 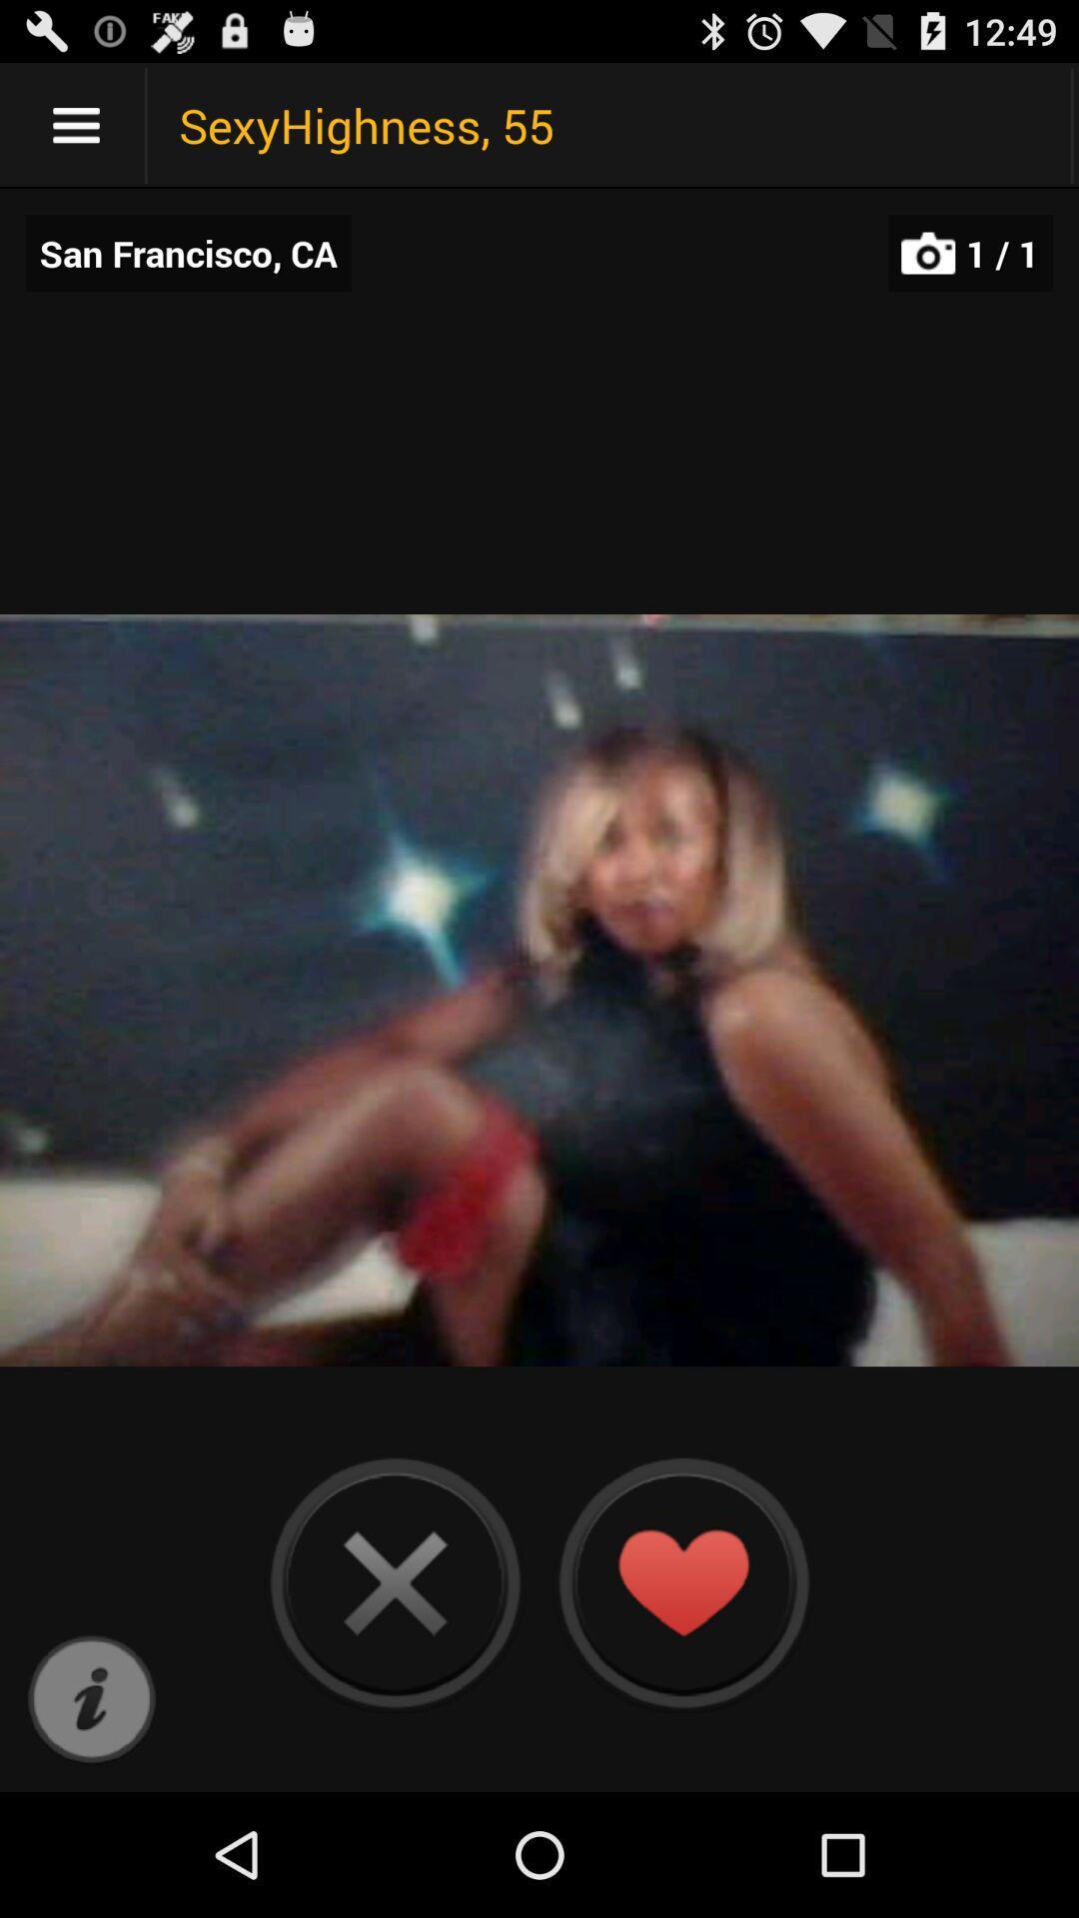 What do you see at coordinates (681, 1581) in the screenshot?
I see `profile` at bounding box center [681, 1581].